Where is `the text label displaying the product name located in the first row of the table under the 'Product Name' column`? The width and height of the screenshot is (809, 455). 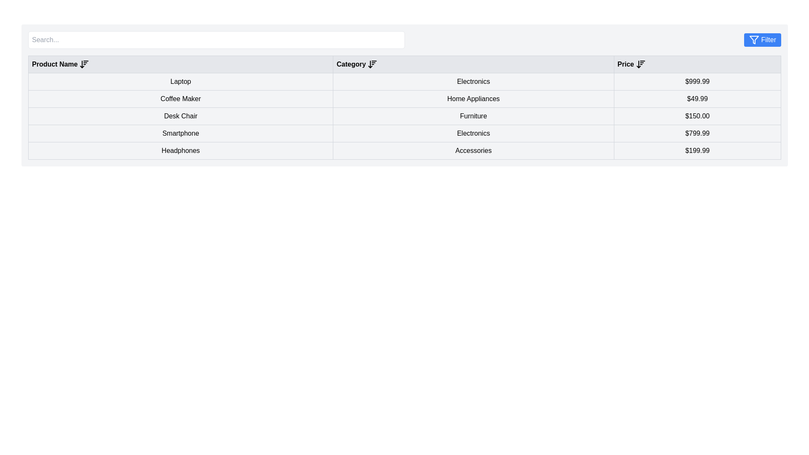 the text label displaying the product name located in the first row of the table under the 'Product Name' column is located at coordinates (180, 81).